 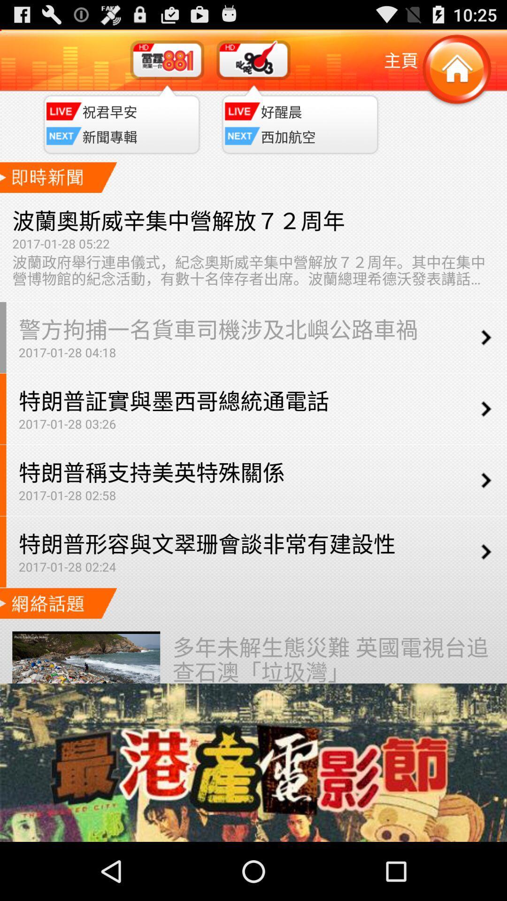 What do you see at coordinates (456, 69) in the screenshot?
I see `home button` at bounding box center [456, 69].